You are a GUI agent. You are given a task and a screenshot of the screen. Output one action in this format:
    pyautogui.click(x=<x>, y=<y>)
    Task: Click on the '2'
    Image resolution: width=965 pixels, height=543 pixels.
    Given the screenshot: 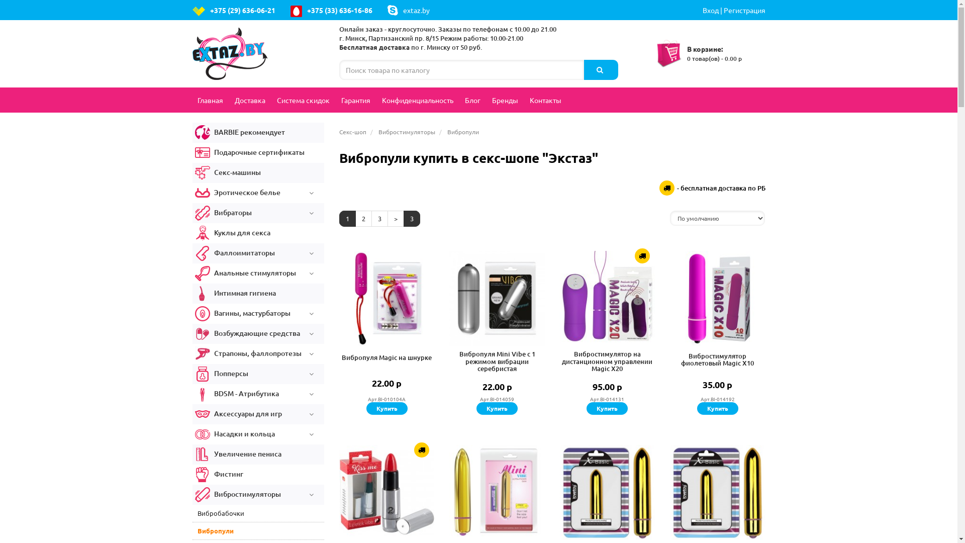 What is the action you would take?
    pyautogui.click(x=355, y=218)
    